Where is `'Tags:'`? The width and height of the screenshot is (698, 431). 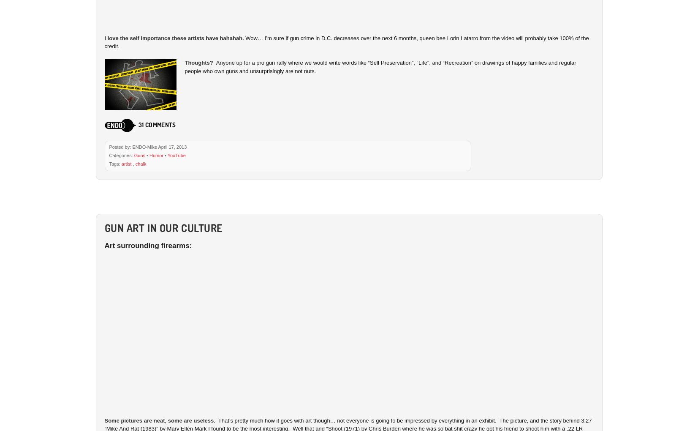 'Tags:' is located at coordinates (114, 163).